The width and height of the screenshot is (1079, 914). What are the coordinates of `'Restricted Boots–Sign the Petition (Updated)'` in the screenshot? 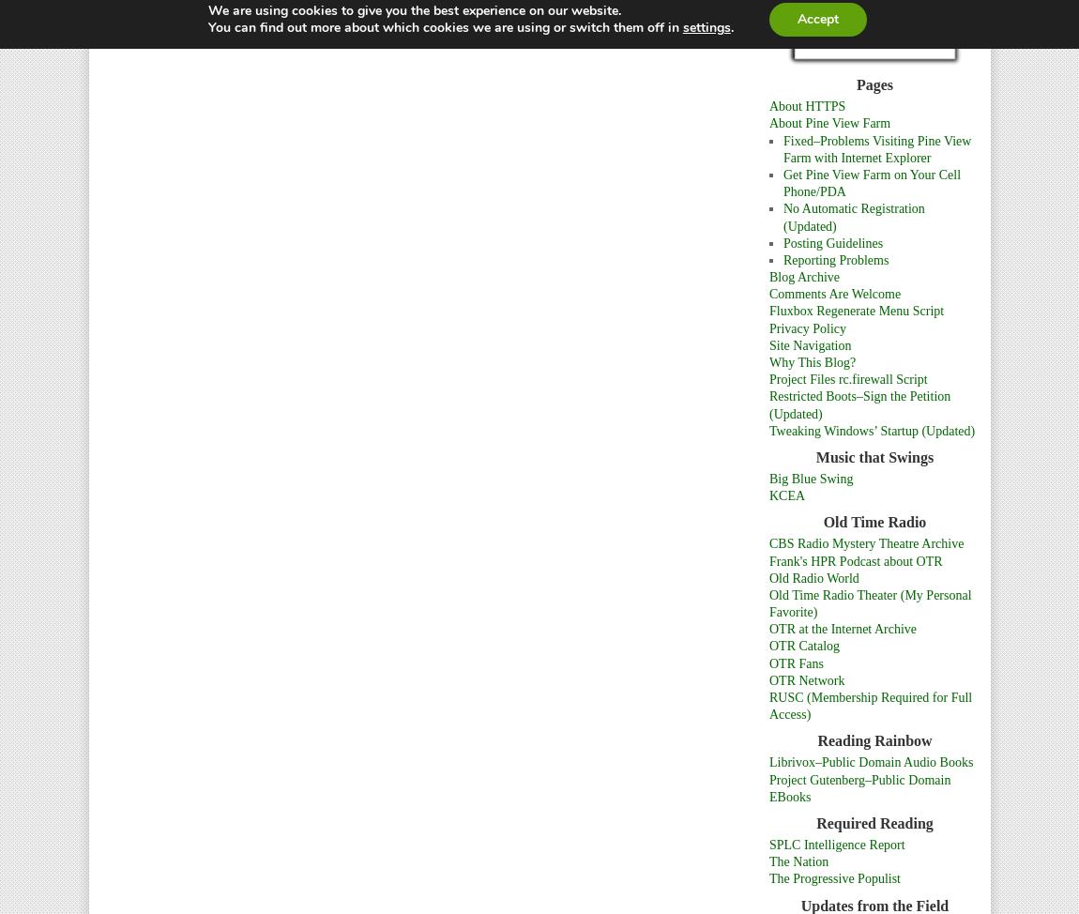 It's located at (859, 404).